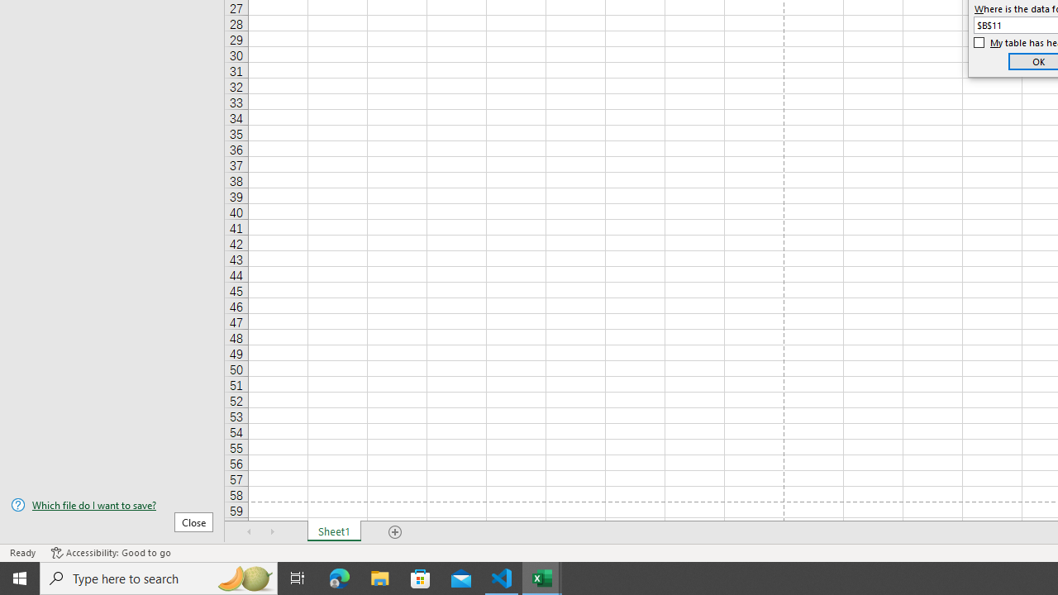 The height and width of the screenshot is (595, 1058). What do you see at coordinates (249, 532) in the screenshot?
I see `'Scroll Left'` at bounding box center [249, 532].